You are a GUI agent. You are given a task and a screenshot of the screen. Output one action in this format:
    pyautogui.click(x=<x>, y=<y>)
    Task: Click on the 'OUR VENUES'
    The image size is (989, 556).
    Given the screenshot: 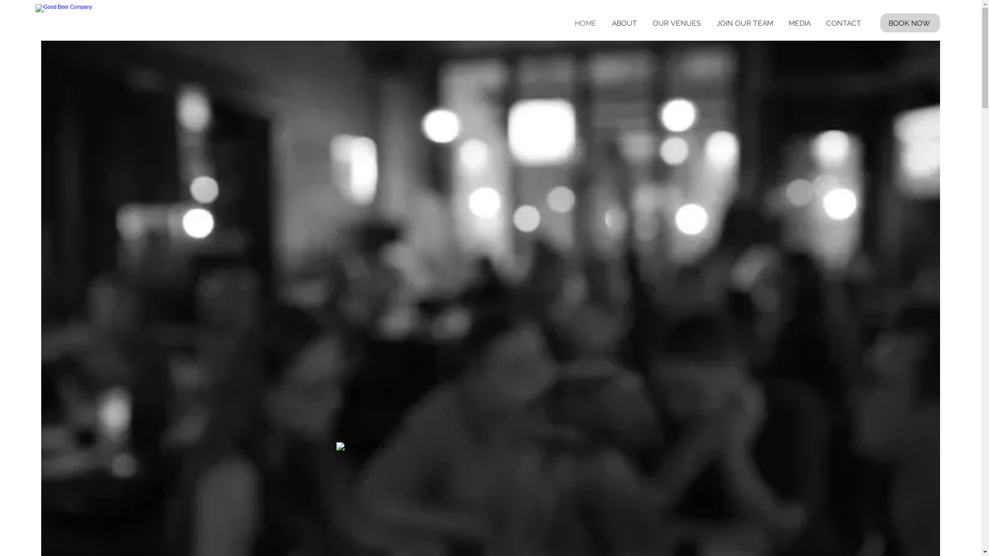 What is the action you would take?
    pyautogui.click(x=677, y=23)
    